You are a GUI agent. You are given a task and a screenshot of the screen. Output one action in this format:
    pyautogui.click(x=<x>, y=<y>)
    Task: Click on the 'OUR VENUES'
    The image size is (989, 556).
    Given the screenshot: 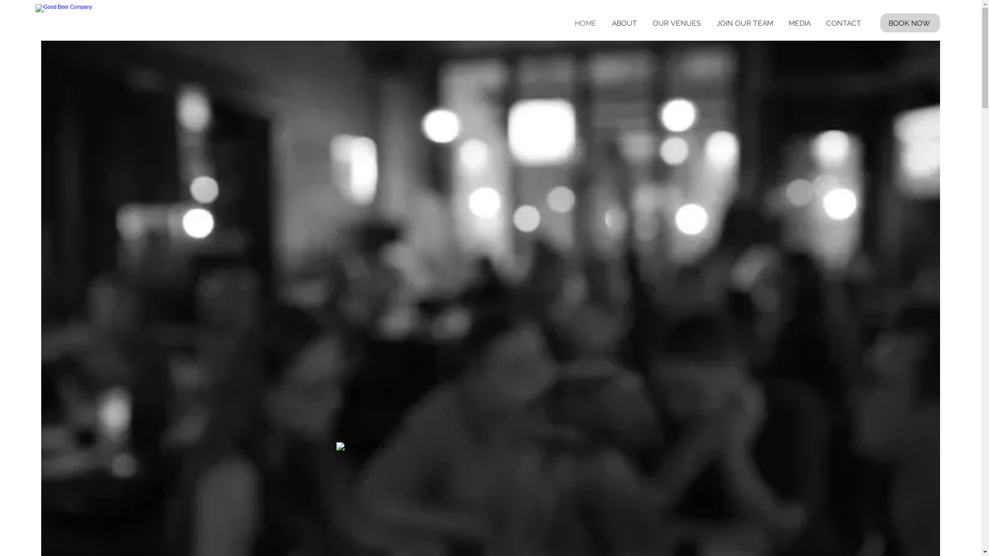 What is the action you would take?
    pyautogui.click(x=677, y=23)
    